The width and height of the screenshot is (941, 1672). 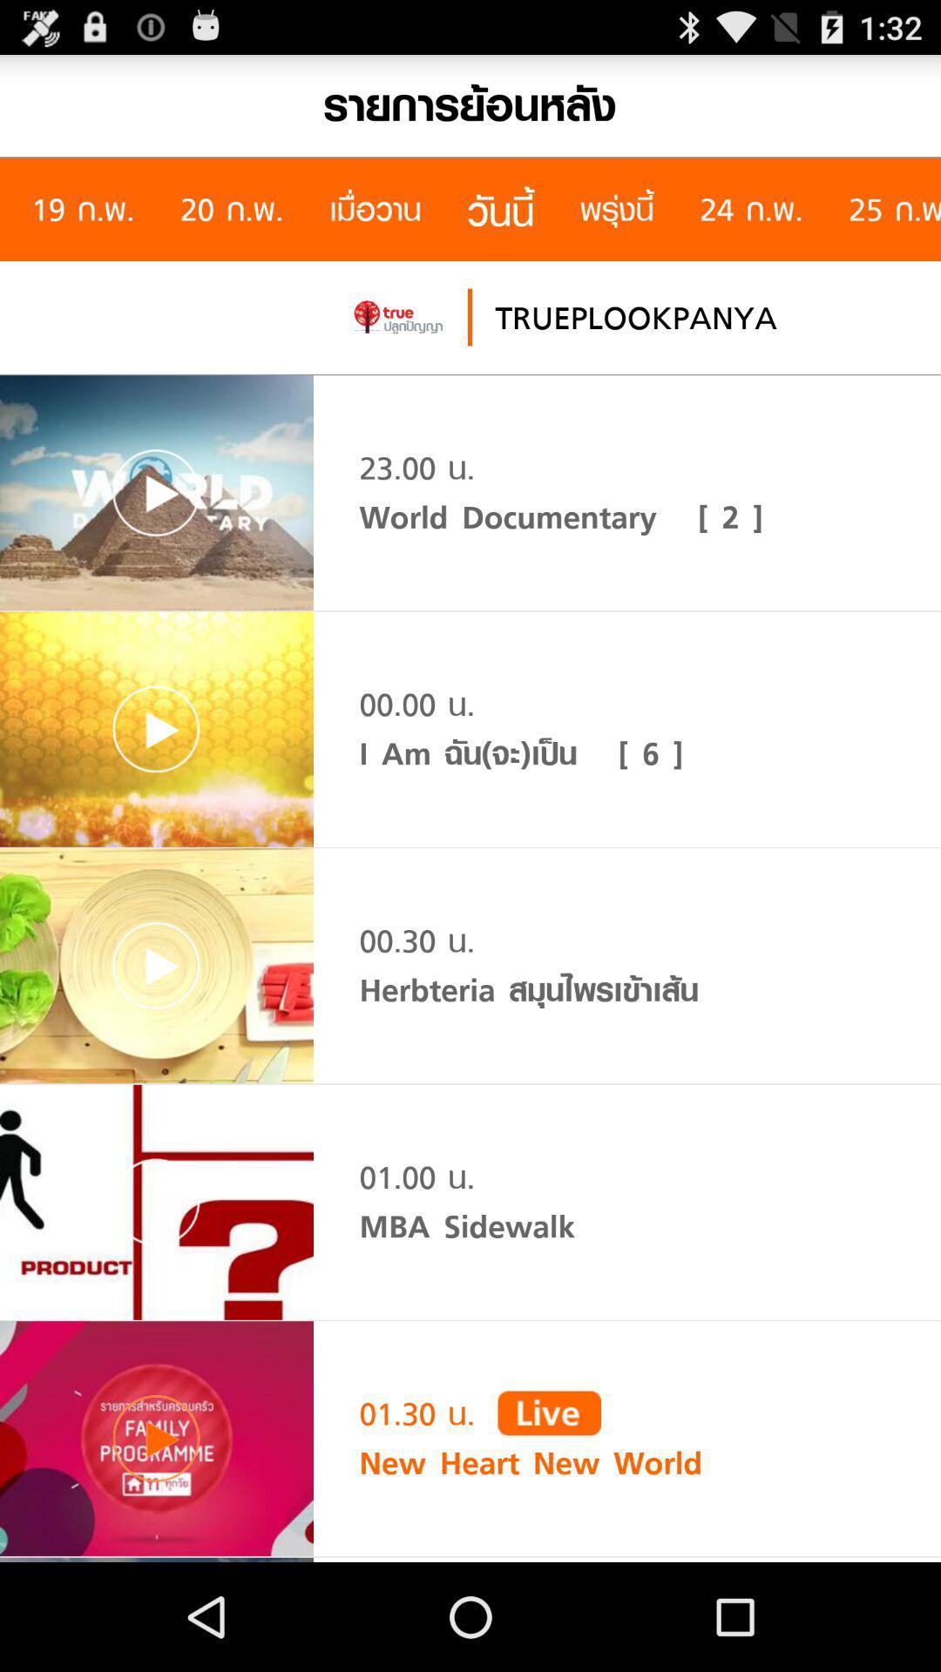 I want to click on mba sidewalk icon, so click(x=466, y=1225).